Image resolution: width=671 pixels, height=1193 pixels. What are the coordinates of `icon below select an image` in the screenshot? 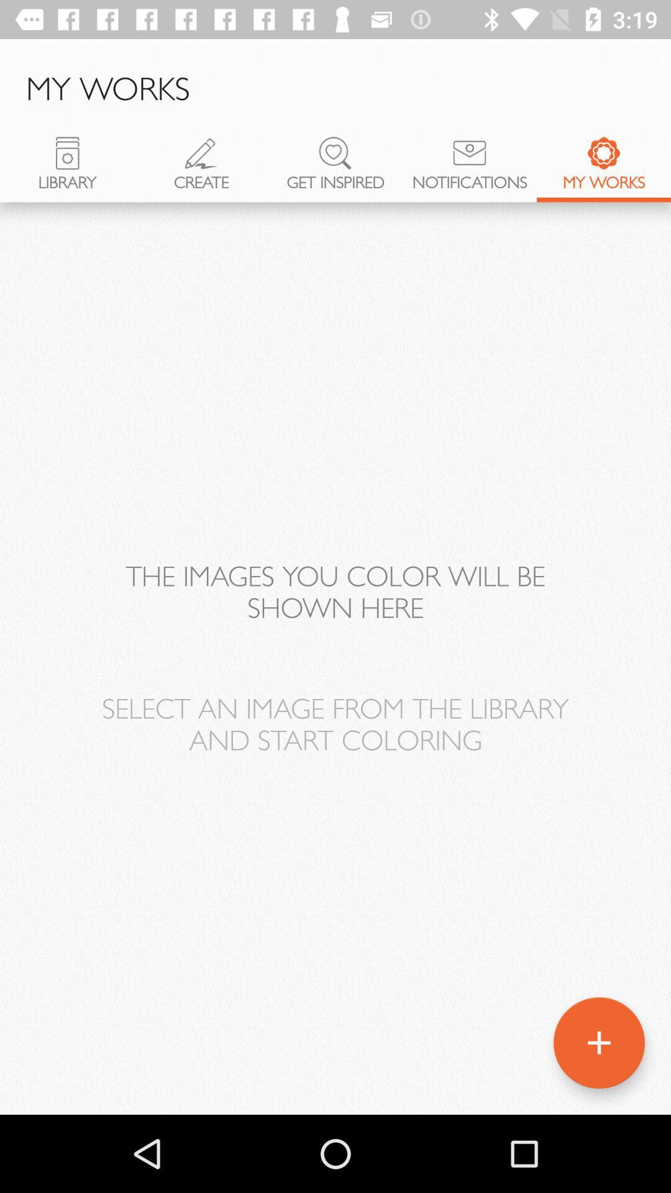 It's located at (598, 1043).